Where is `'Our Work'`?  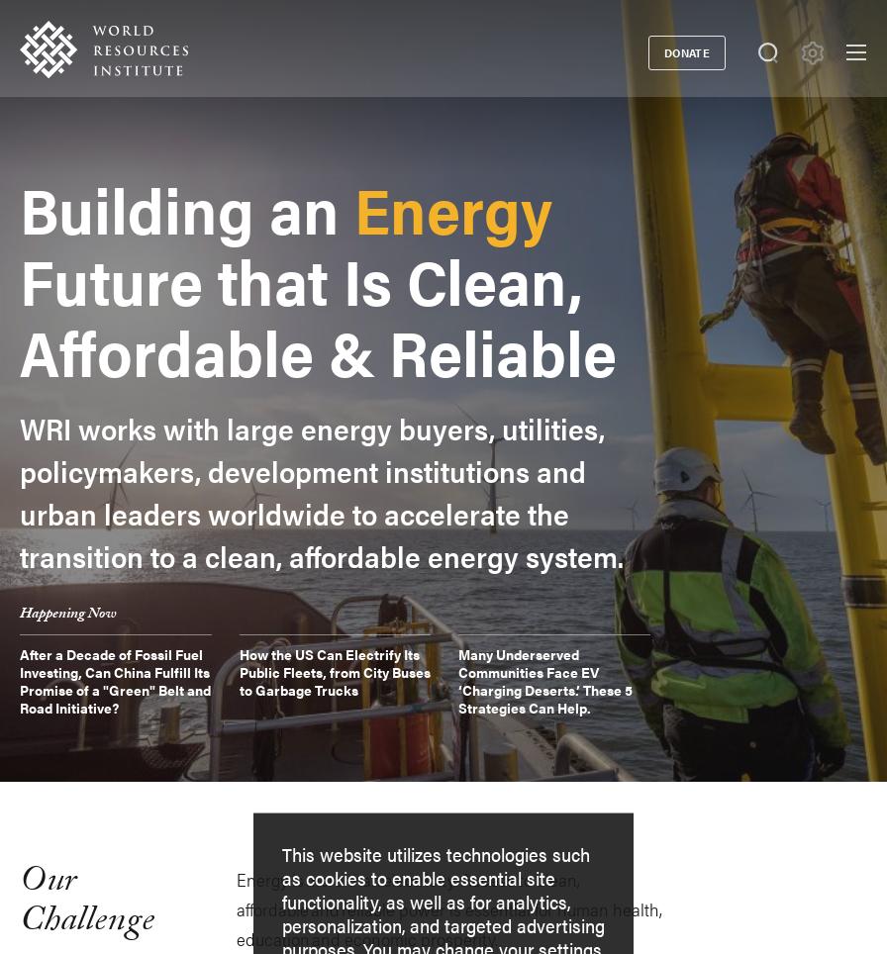
'Our Work' is located at coordinates (59, 307).